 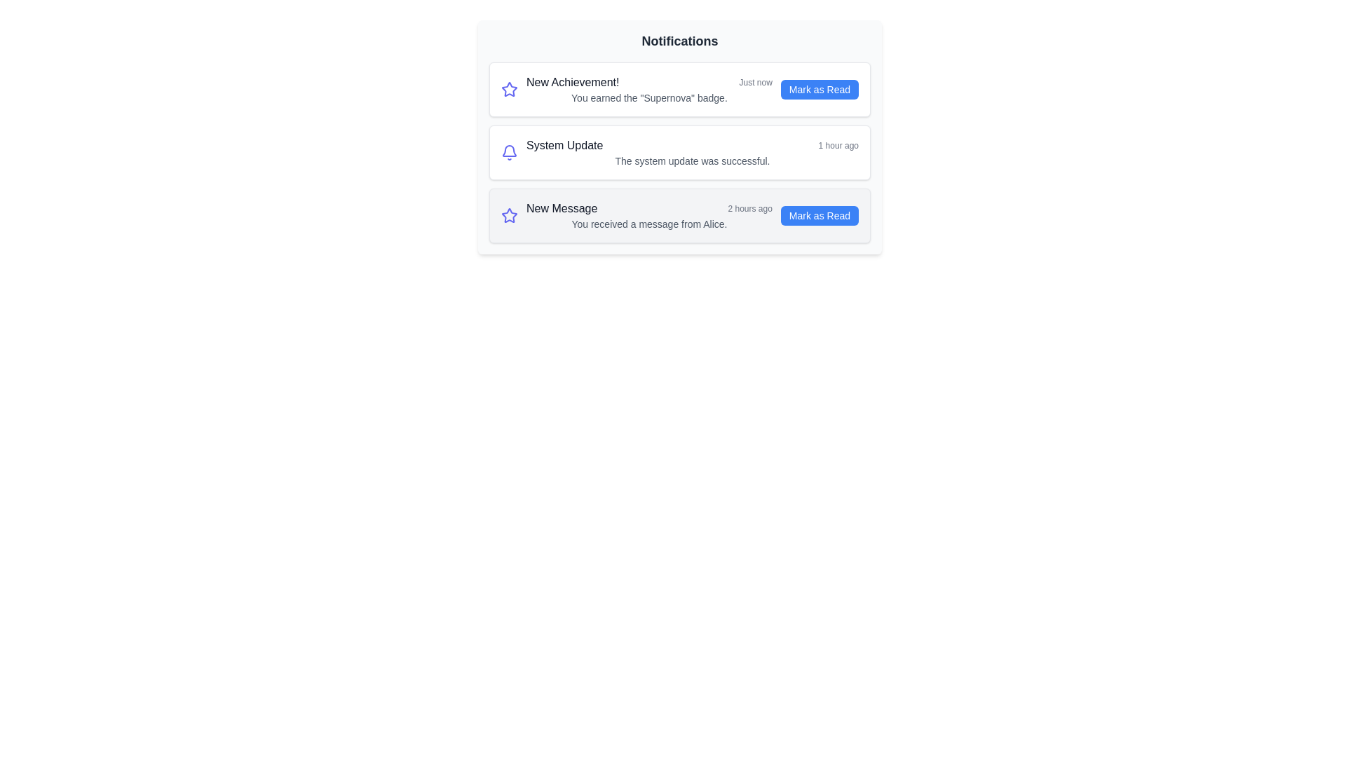 What do you see at coordinates (749, 208) in the screenshot?
I see `the timestamp text label located in the bottom notification box, right-aligned next to the 'New Message' title` at bounding box center [749, 208].